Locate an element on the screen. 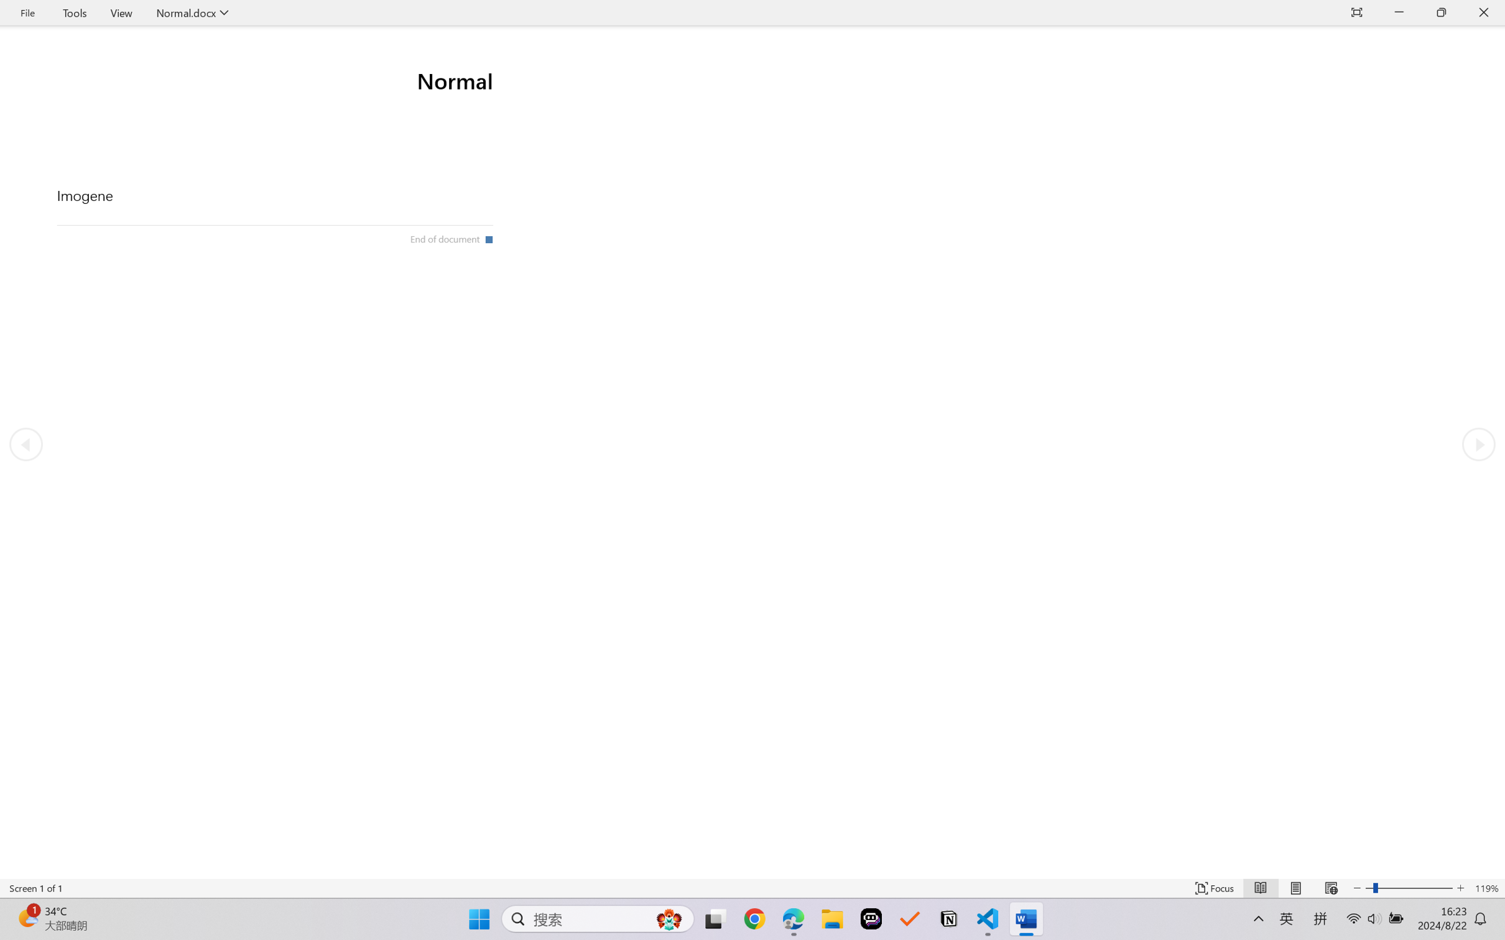 This screenshot has height=940, width=1505. 'Page Number Screen 1 of 1 ' is located at coordinates (35, 888).